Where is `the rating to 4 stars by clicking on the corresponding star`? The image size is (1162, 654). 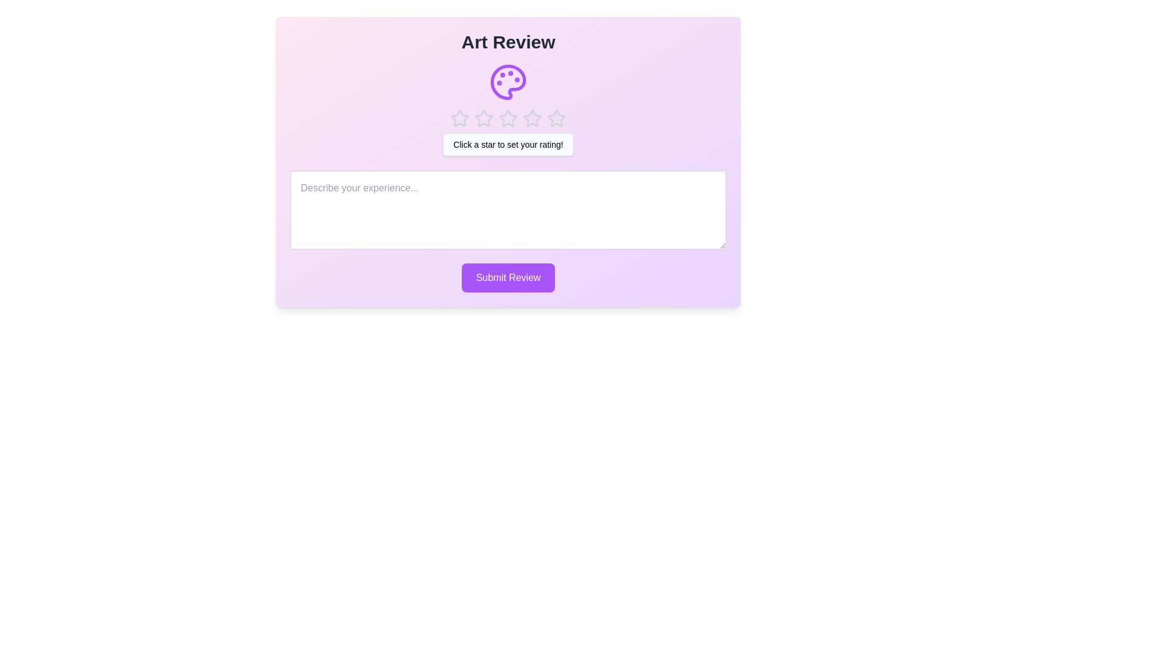
the rating to 4 stars by clicking on the corresponding star is located at coordinates (532, 119).